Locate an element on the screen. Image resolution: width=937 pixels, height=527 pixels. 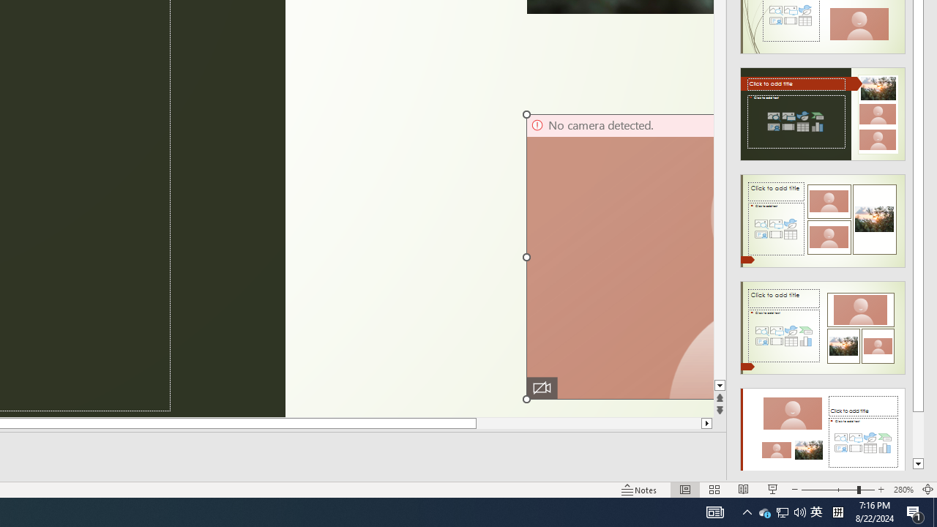
'Design Idea' is located at coordinates (823, 429).